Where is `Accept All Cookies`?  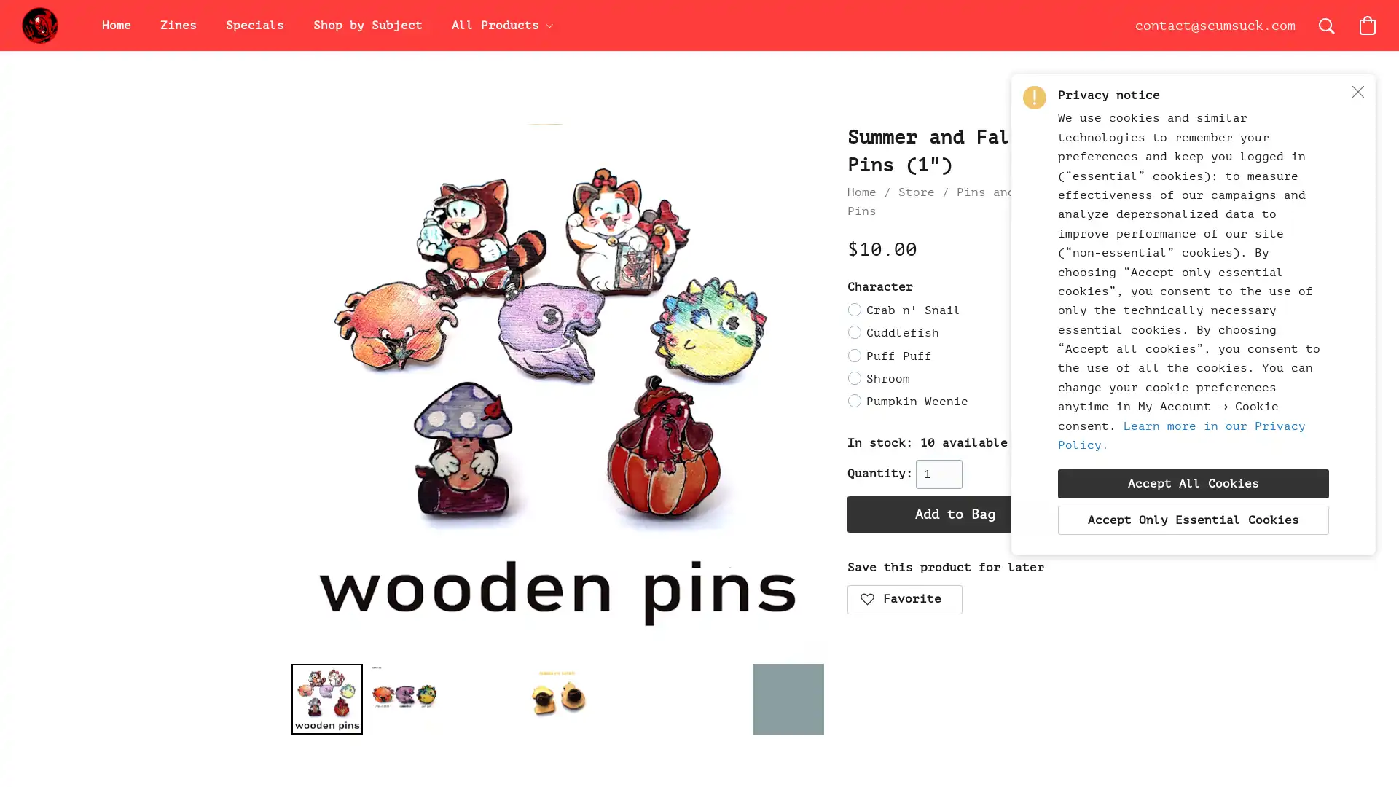 Accept All Cookies is located at coordinates (1193, 483).